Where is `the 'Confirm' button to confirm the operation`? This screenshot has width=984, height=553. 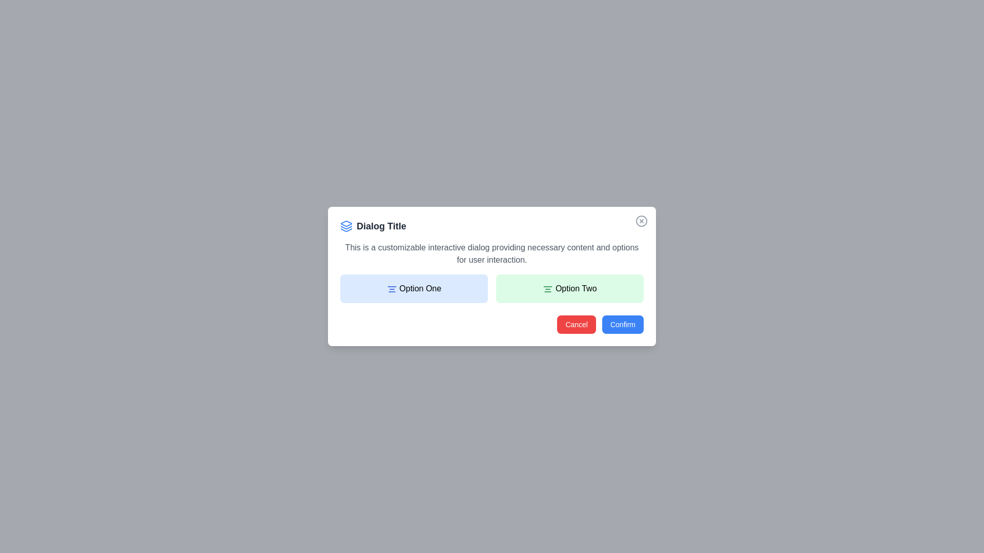
the 'Confirm' button to confirm the operation is located at coordinates (622, 324).